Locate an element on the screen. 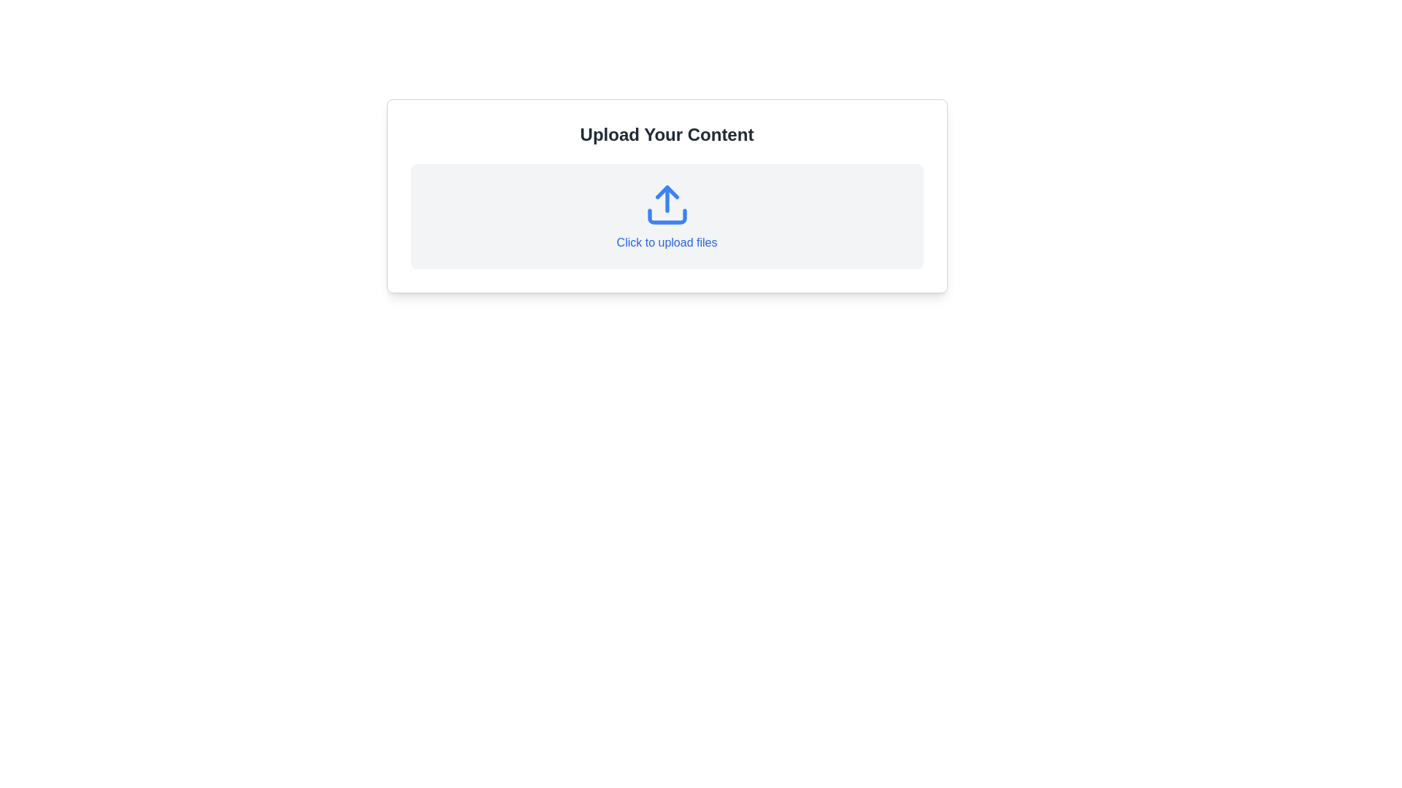 The image size is (1402, 788). the lower subcomponent of the upload icon, which symbolizes a tray for receiving uploads, located at the center of the main content area is located at coordinates (666, 217).